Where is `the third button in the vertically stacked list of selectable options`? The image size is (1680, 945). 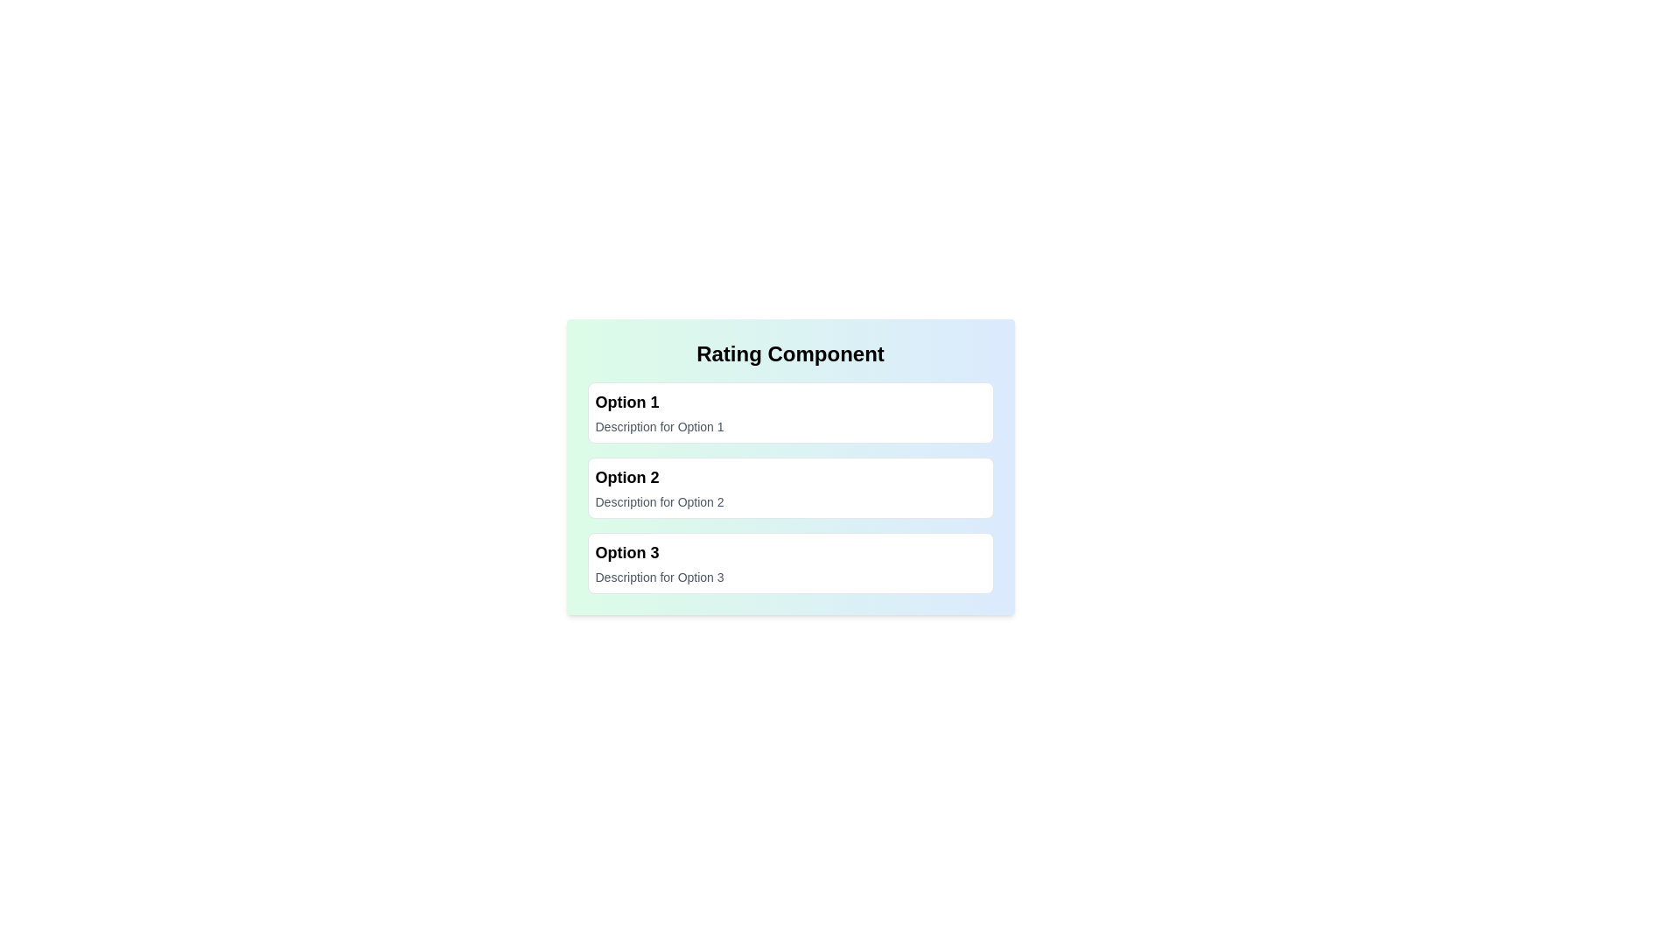 the third button in the vertically stacked list of selectable options is located at coordinates (789, 563).